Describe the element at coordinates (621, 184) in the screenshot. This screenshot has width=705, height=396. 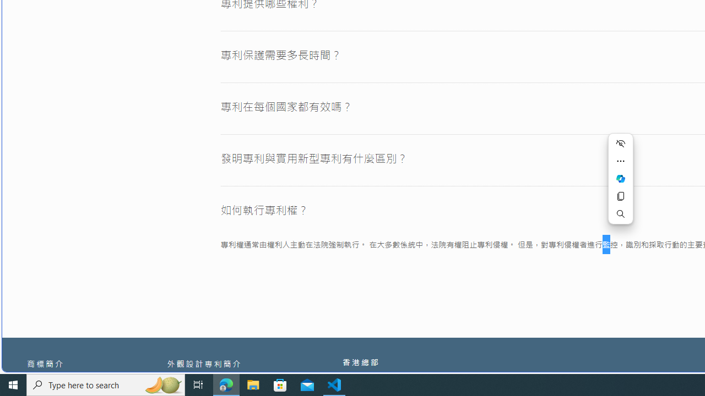
I see `'Mini menu on text selection'` at that location.